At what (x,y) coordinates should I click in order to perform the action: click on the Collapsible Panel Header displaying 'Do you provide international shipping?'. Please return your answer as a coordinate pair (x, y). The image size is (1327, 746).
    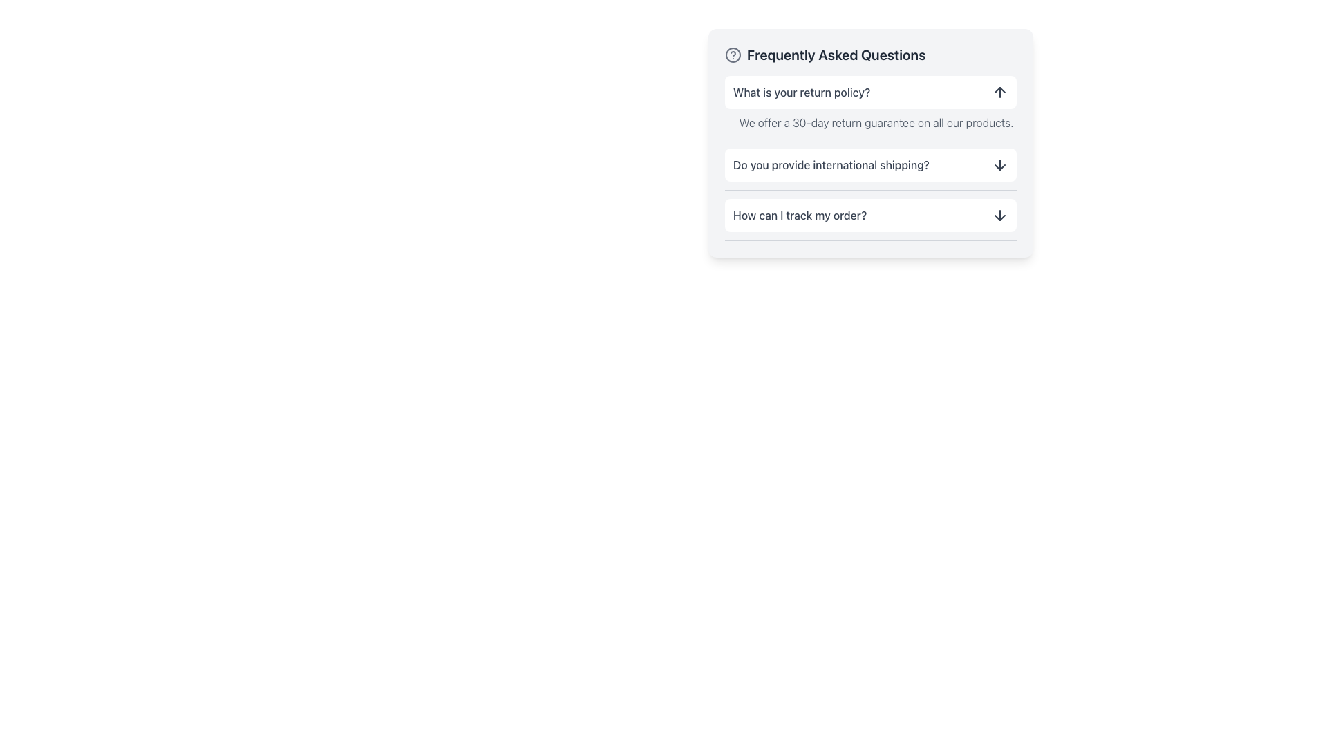
    Looking at the image, I should click on (869, 164).